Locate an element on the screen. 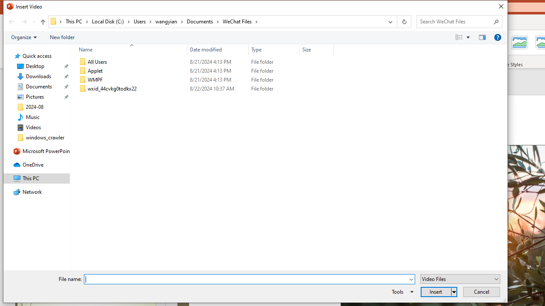 This screenshot has width=545, height=306. 'Filter dropdown' is located at coordinates (330, 49).